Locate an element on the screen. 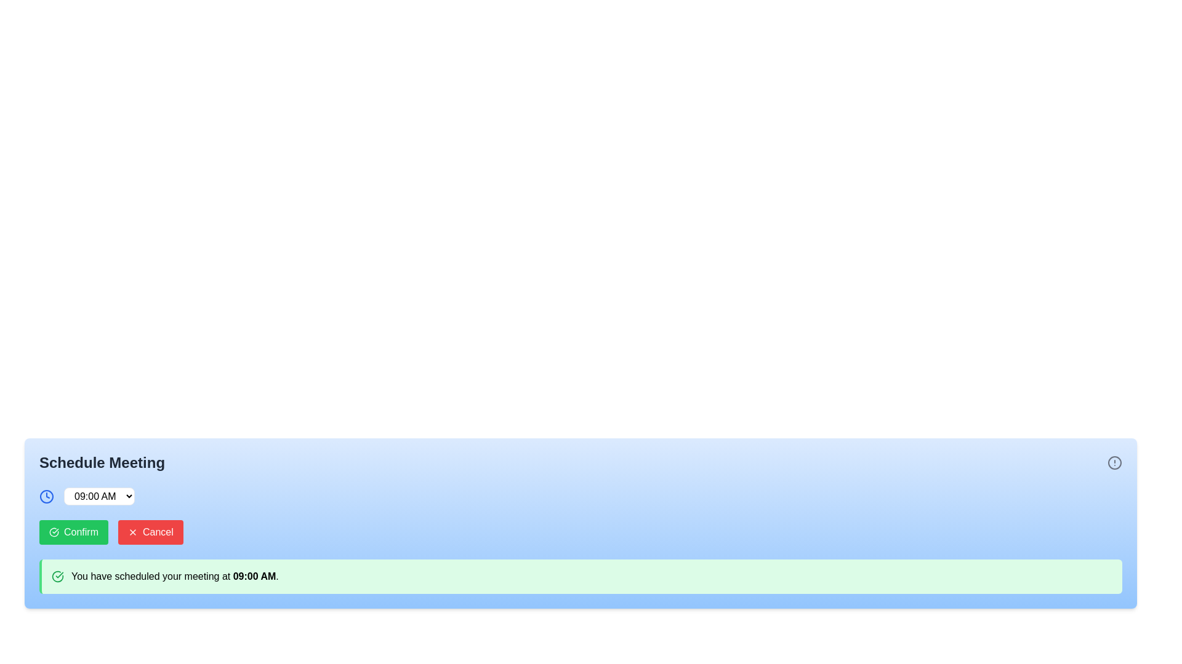  the bold and large-sized text displaying 'Schedule Meeting' in dark gray color located in the upper-left corner of the blue section is located at coordinates (102, 462).